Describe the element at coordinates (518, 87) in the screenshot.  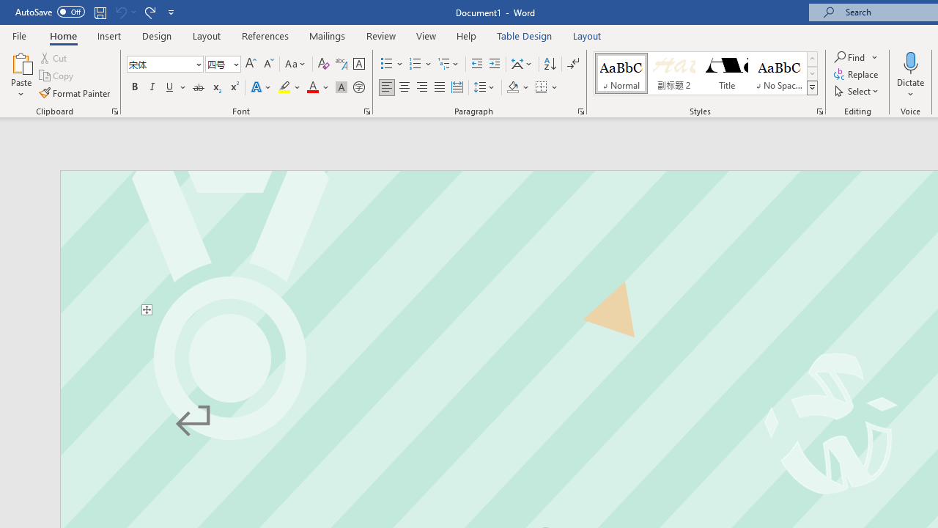
I see `'Shading'` at that location.